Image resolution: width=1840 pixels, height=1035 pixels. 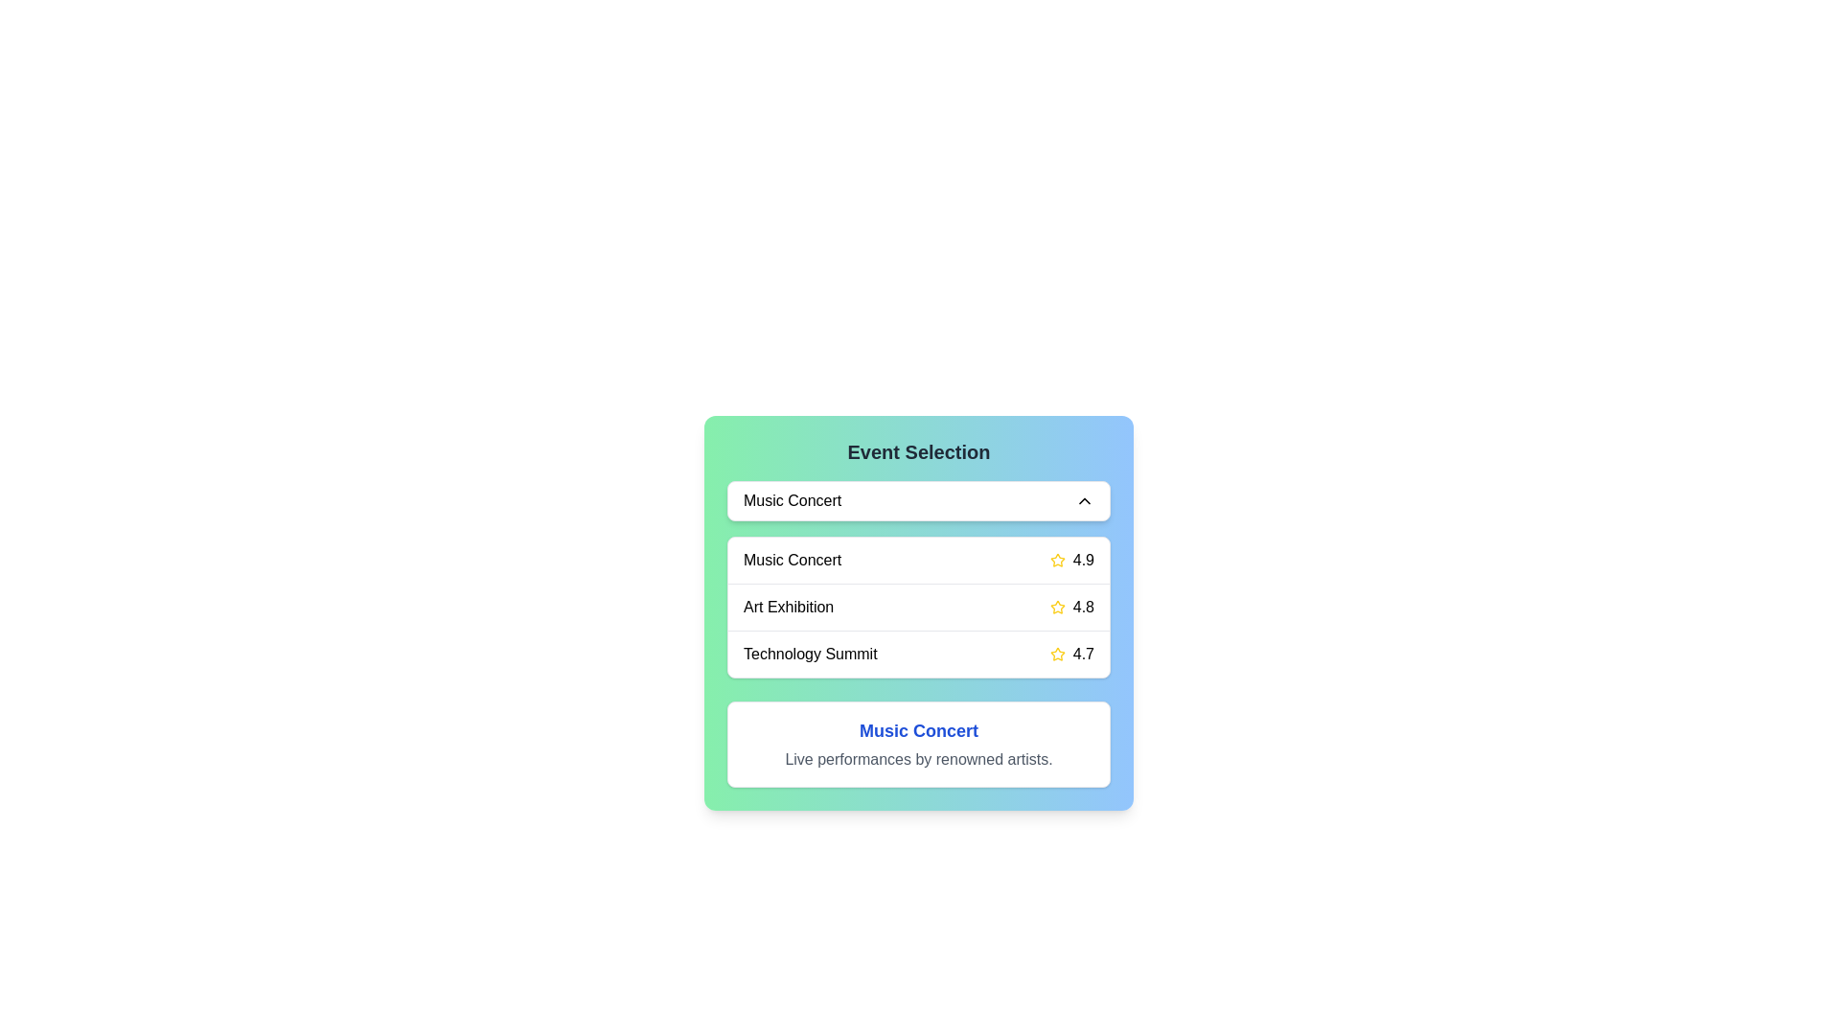 I want to click on the star icon representing the rating system, located to the left of the numeric score '4.8', to interact with it, so click(x=1056, y=607).